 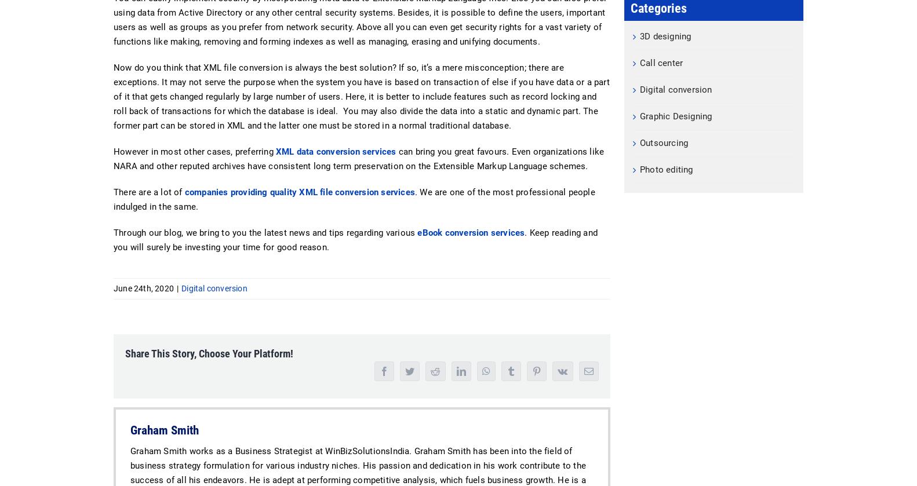 I want to click on 'Through our blog, we bring to you the latest news and tips regarding various', so click(x=114, y=232).